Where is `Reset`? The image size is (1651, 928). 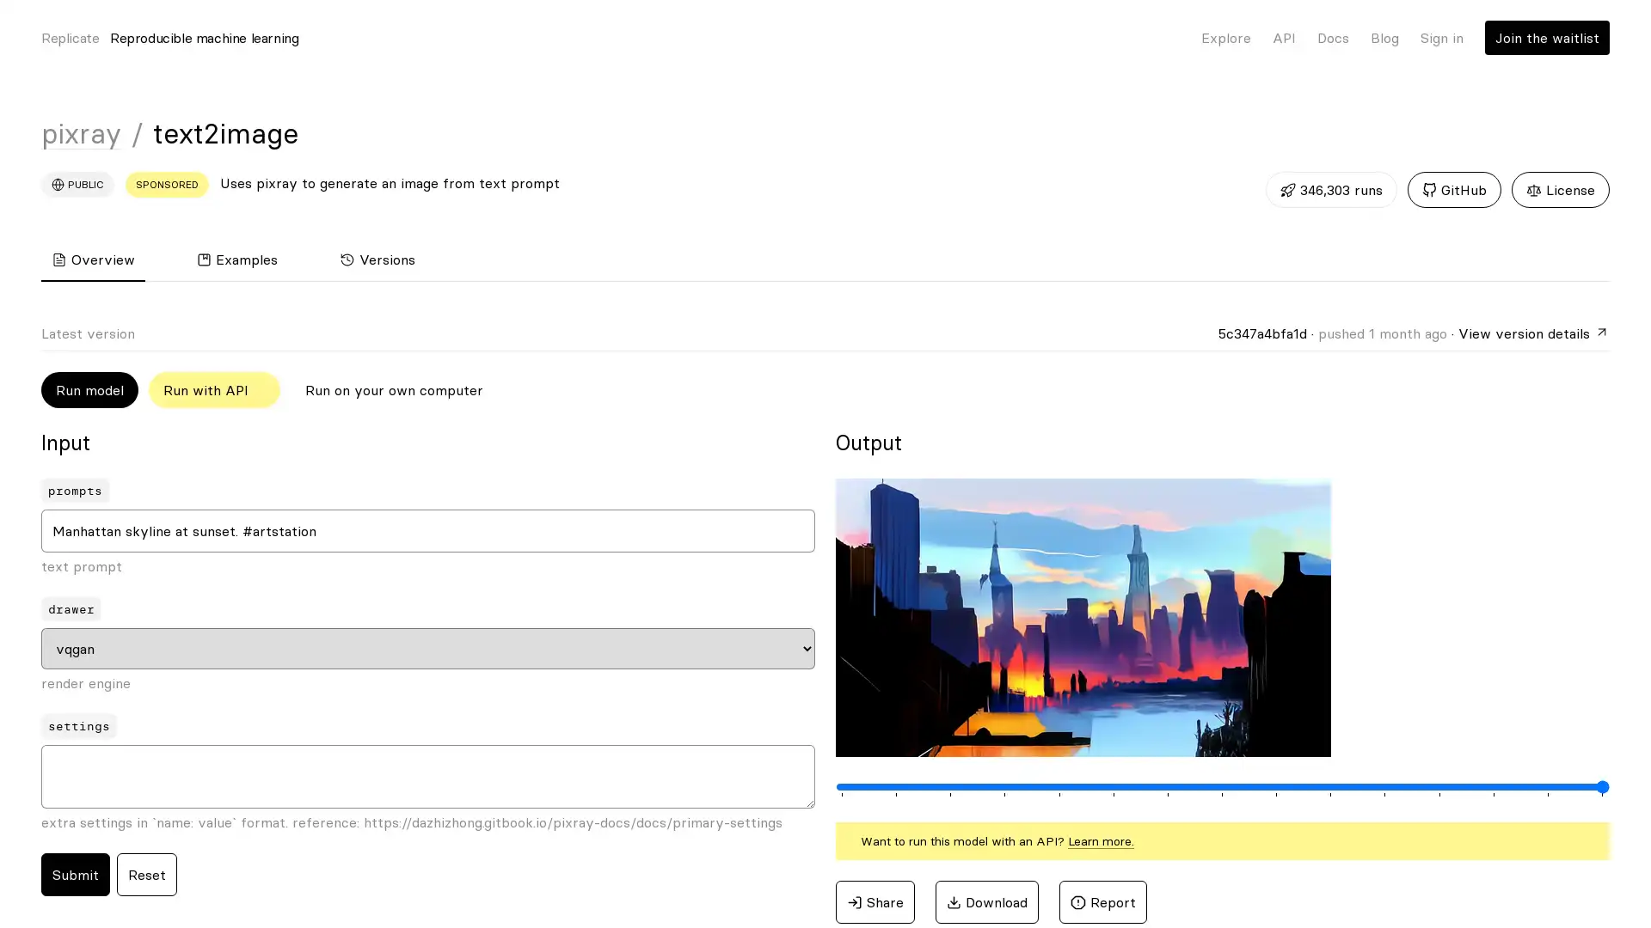 Reset is located at coordinates (147, 875).